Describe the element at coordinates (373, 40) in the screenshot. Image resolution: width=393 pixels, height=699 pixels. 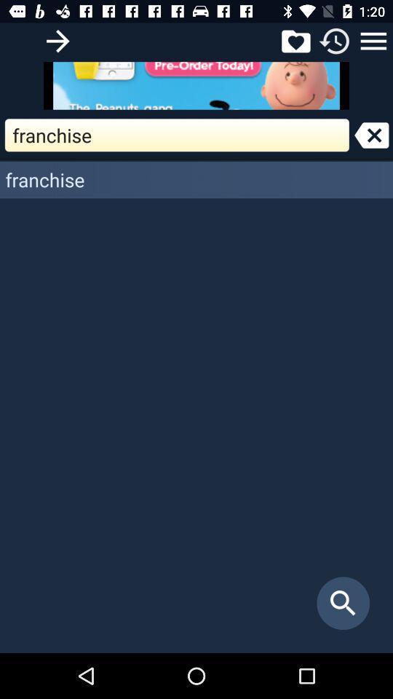
I see `open the menu` at that location.